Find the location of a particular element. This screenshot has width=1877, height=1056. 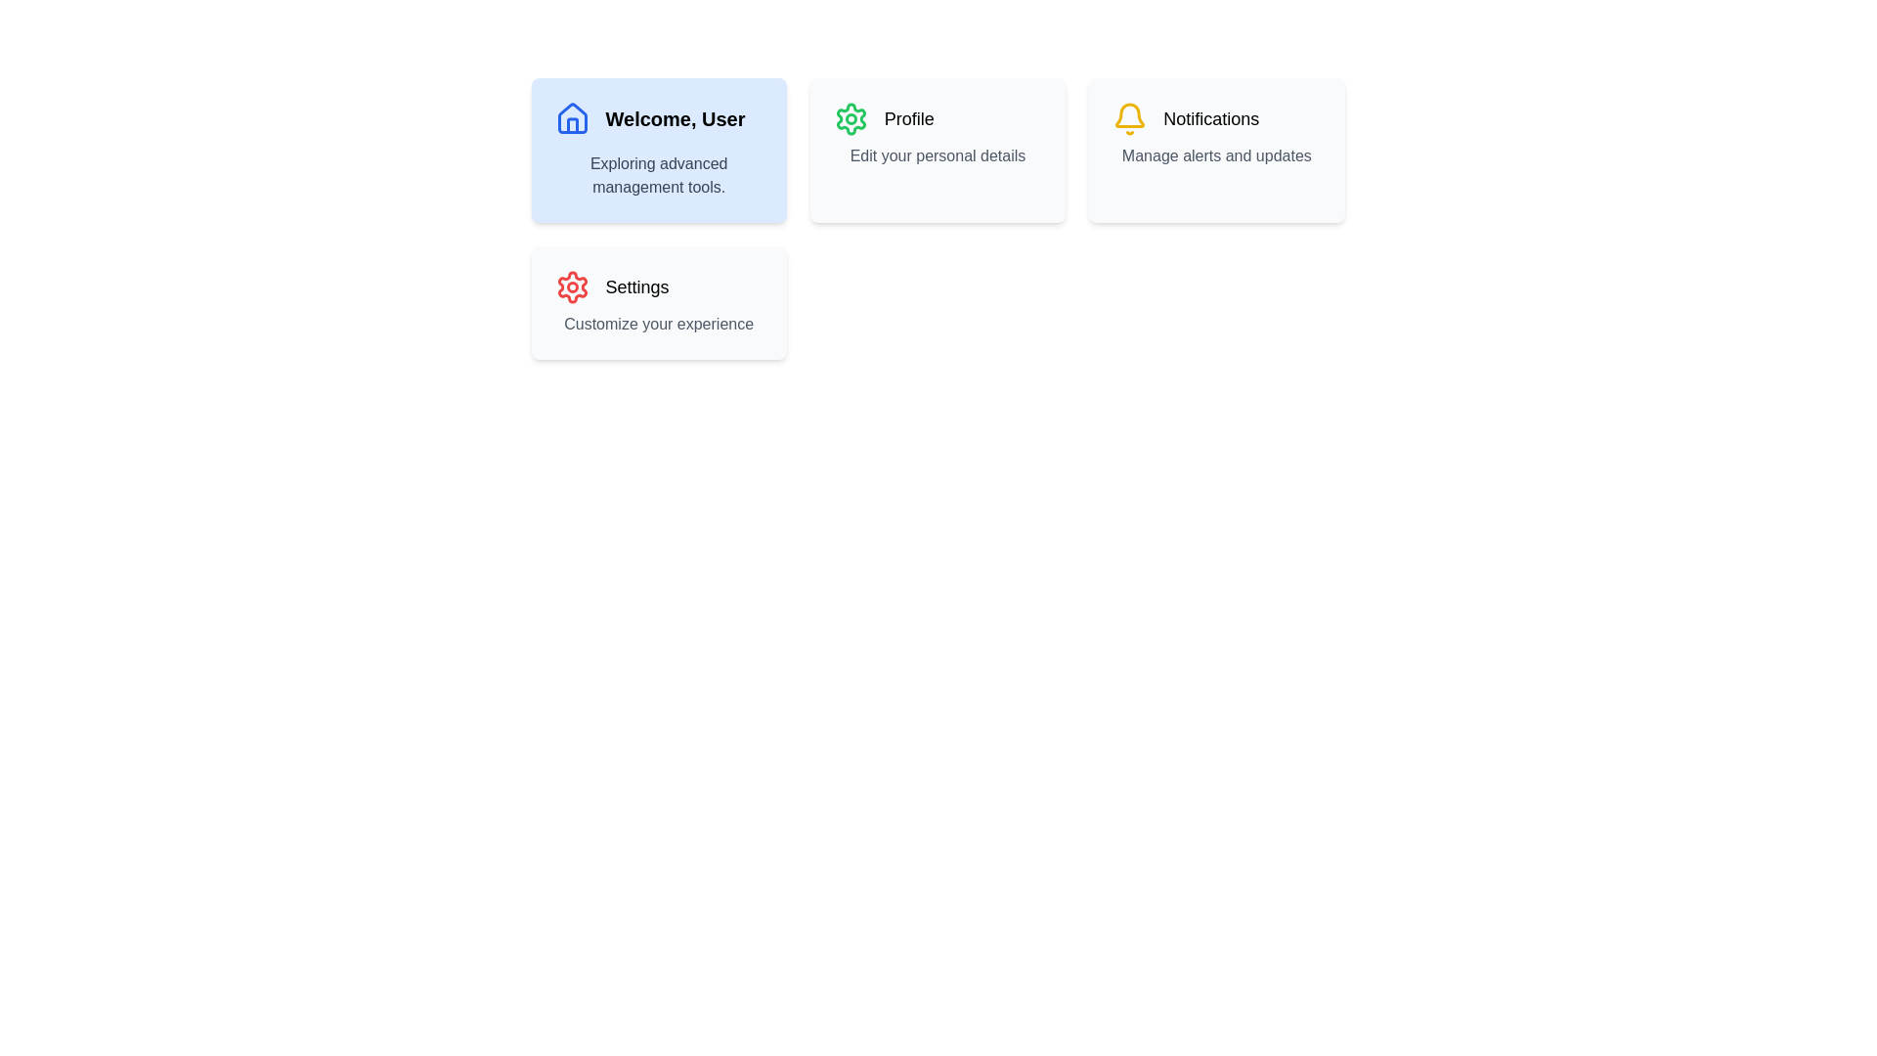

the 'Notifications' text label, which is styled with medium font weight and located to the right of a yellow notification bell icon in the top-right quadrant of the layout is located at coordinates (1210, 119).